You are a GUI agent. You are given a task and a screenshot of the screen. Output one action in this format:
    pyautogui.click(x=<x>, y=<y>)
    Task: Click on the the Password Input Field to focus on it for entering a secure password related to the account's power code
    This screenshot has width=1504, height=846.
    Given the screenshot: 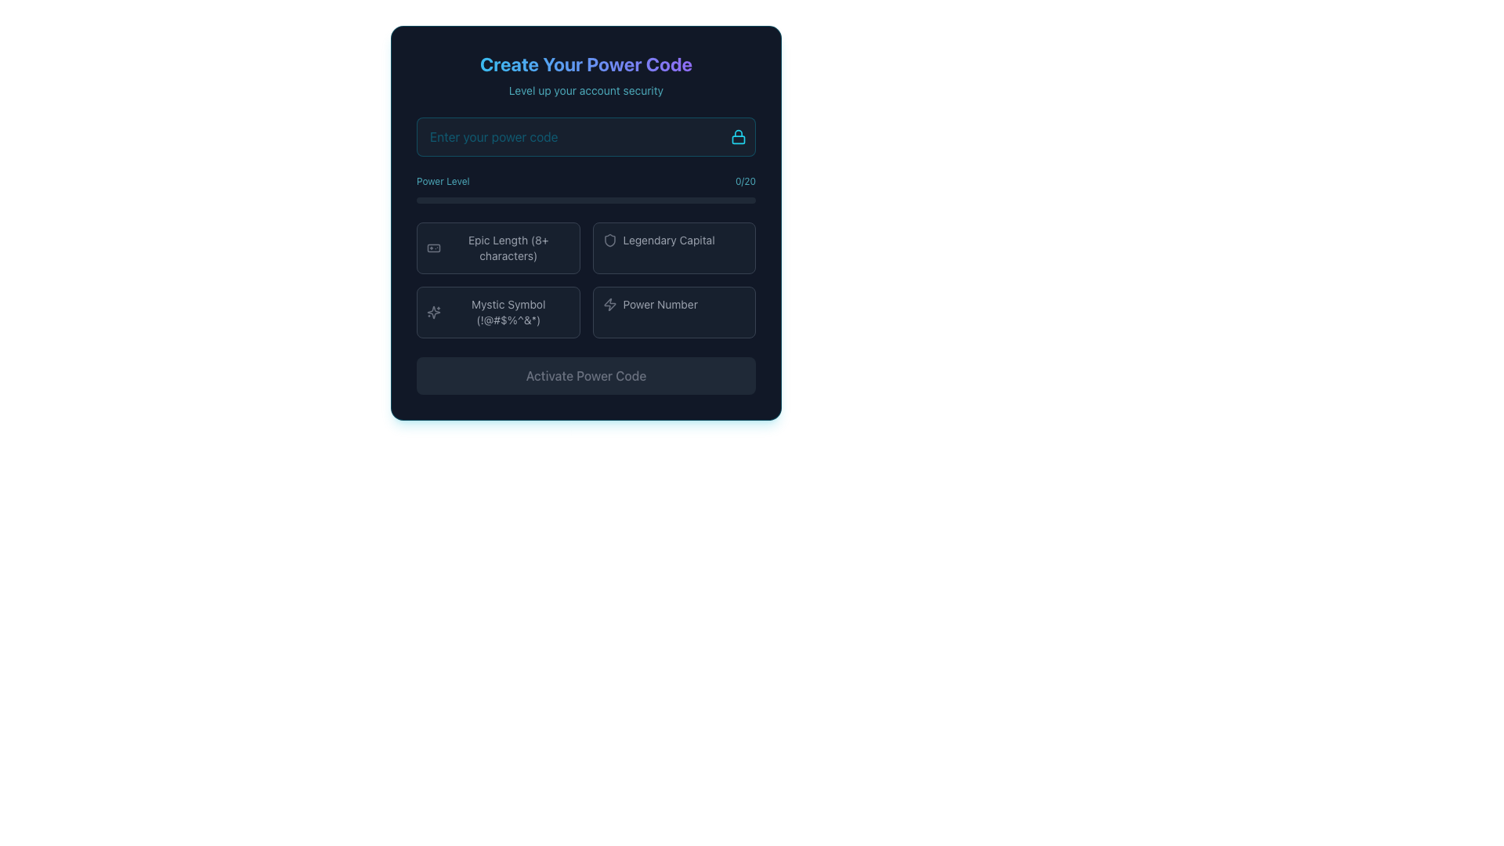 What is the action you would take?
    pyautogui.click(x=585, y=136)
    